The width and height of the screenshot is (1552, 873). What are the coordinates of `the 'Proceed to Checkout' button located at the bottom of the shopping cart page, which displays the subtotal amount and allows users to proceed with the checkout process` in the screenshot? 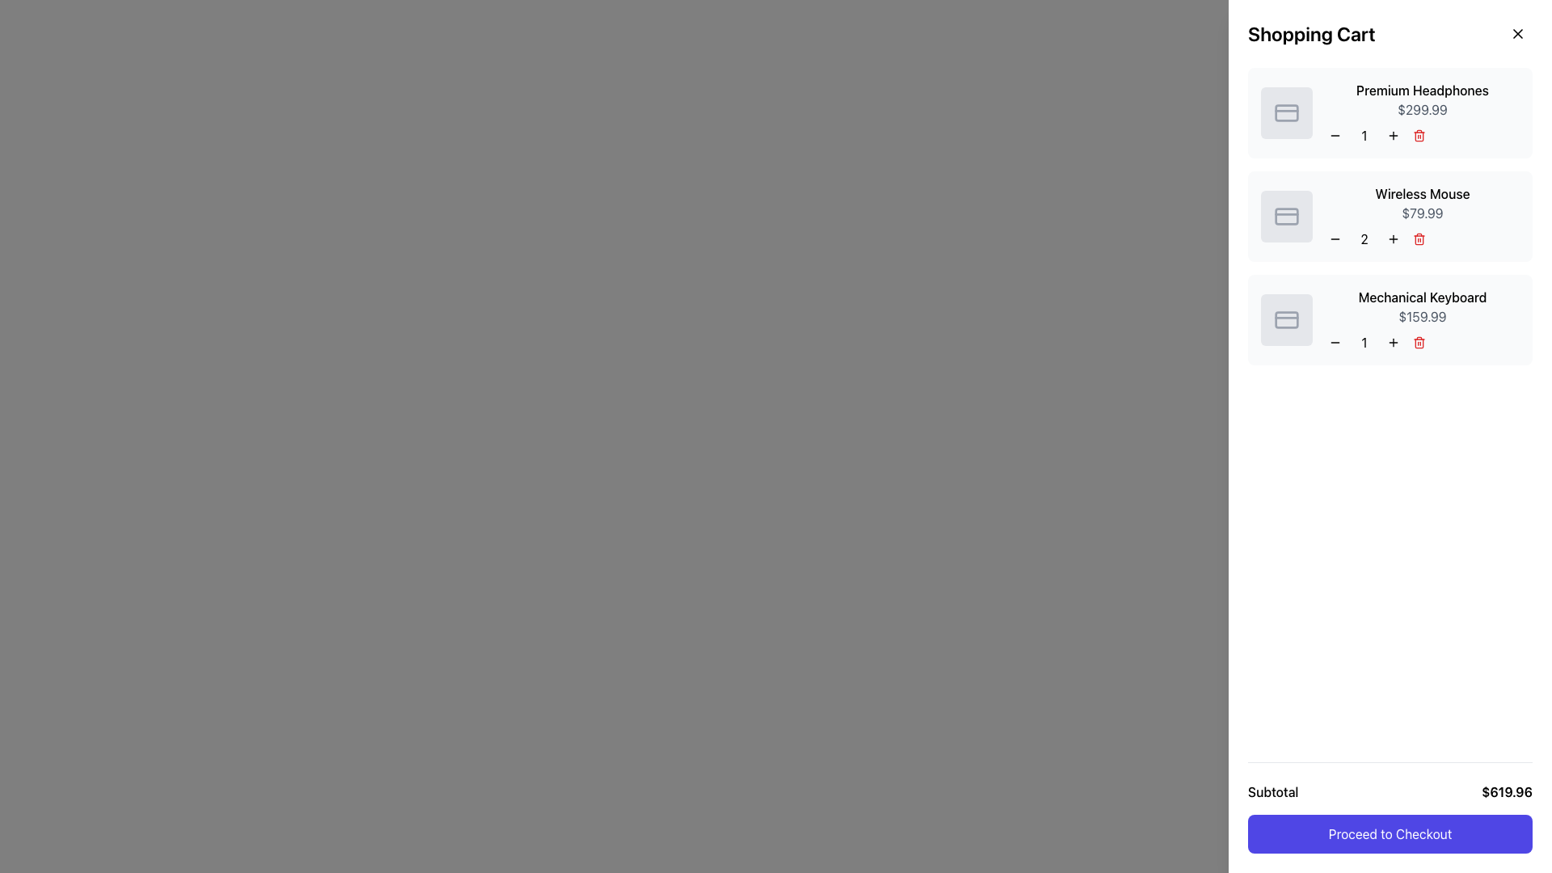 It's located at (1389, 808).